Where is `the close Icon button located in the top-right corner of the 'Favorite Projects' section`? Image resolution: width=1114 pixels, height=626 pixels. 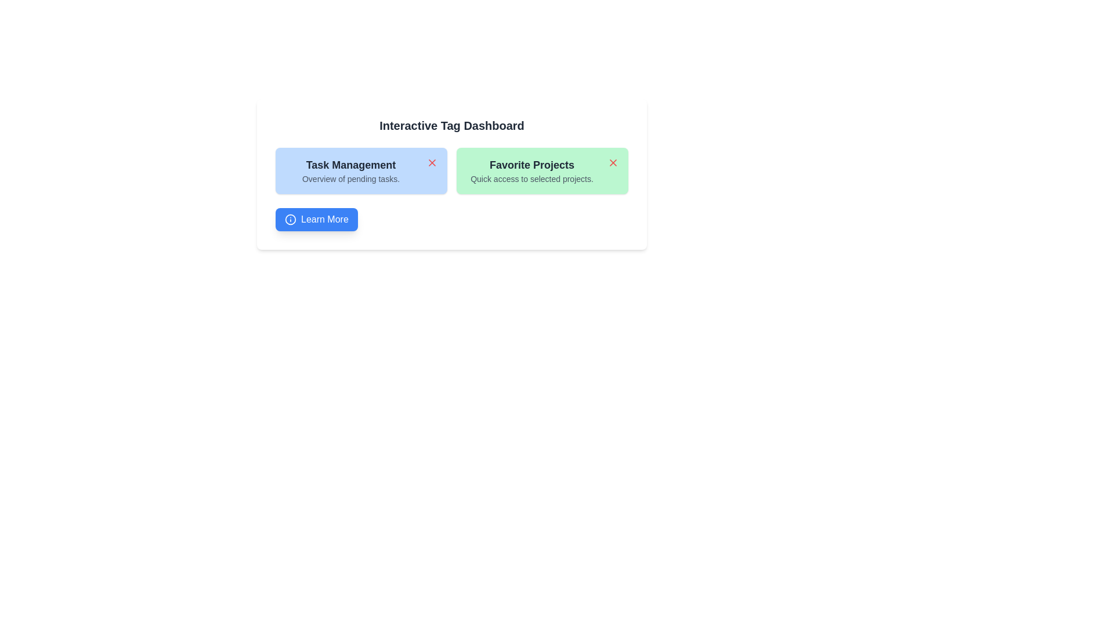 the close Icon button located in the top-right corner of the 'Favorite Projects' section is located at coordinates (612, 163).